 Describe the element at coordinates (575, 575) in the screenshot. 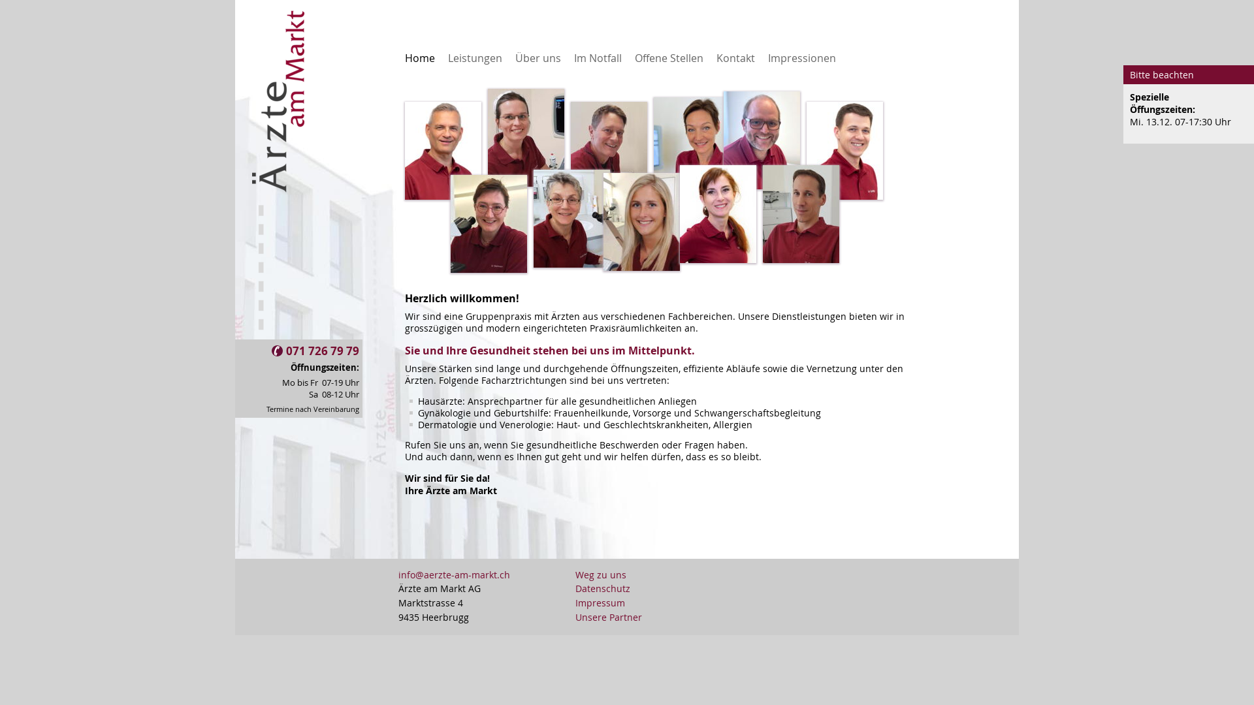

I see `'Weg zu uns'` at that location.